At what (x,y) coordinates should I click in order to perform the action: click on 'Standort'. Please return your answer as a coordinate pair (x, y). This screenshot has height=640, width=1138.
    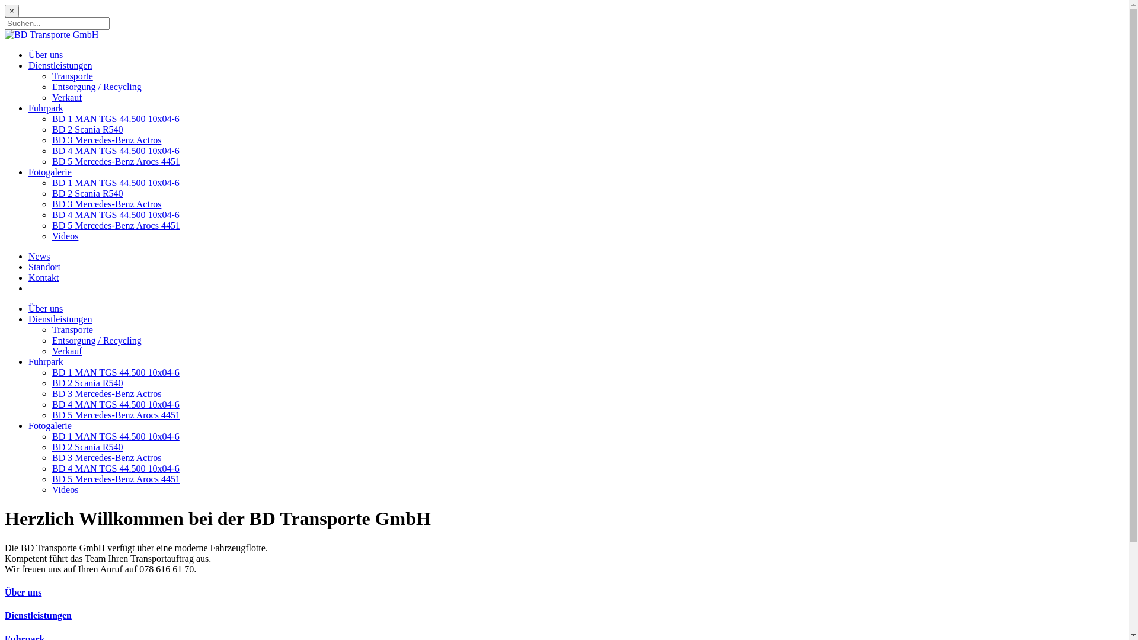
    Looking at the image, I should click on (44, 267).